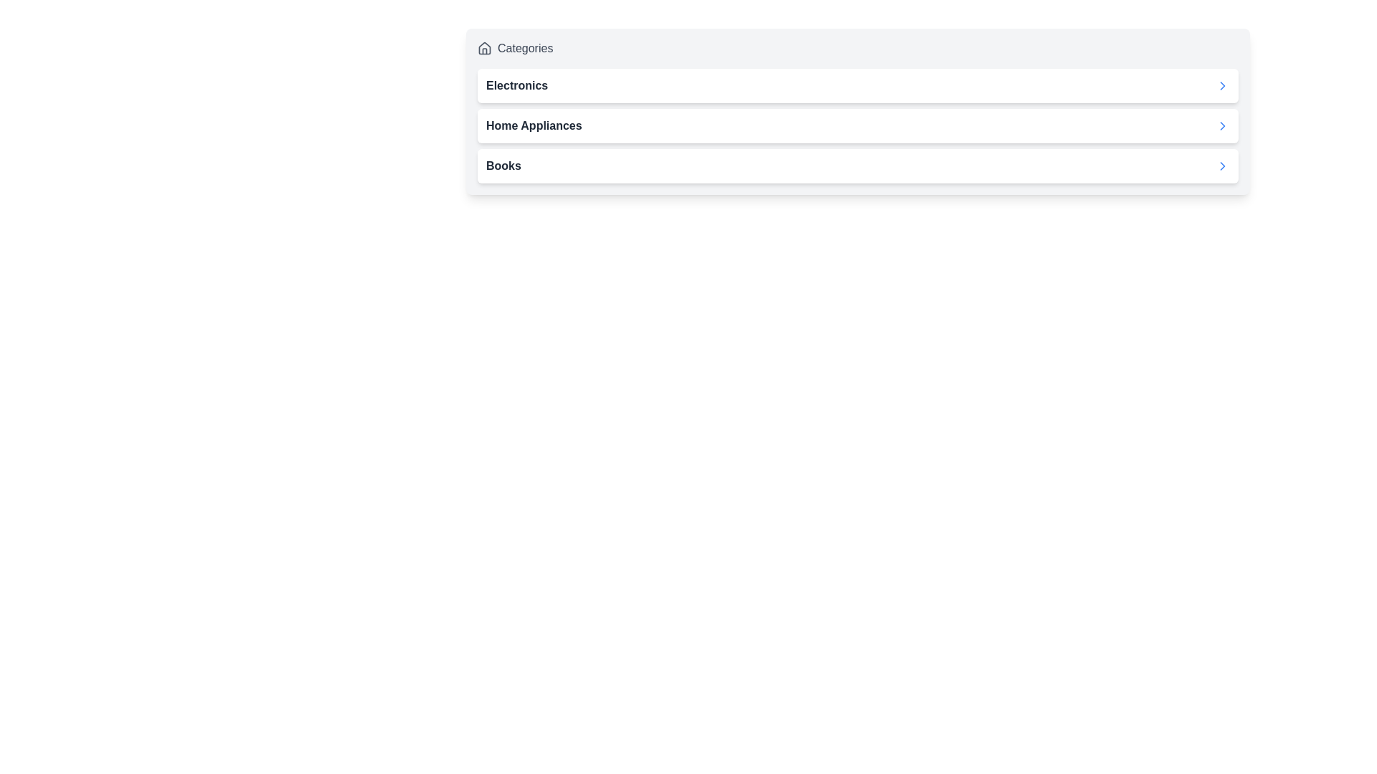 This screenshot has height=774, width=1377. Describe the element at coordinates (1221, 165) in the screenshot. I see `the blue right-facing chevron arrow icon located in the bottom-right corner of the 'Books' category row` at that location.